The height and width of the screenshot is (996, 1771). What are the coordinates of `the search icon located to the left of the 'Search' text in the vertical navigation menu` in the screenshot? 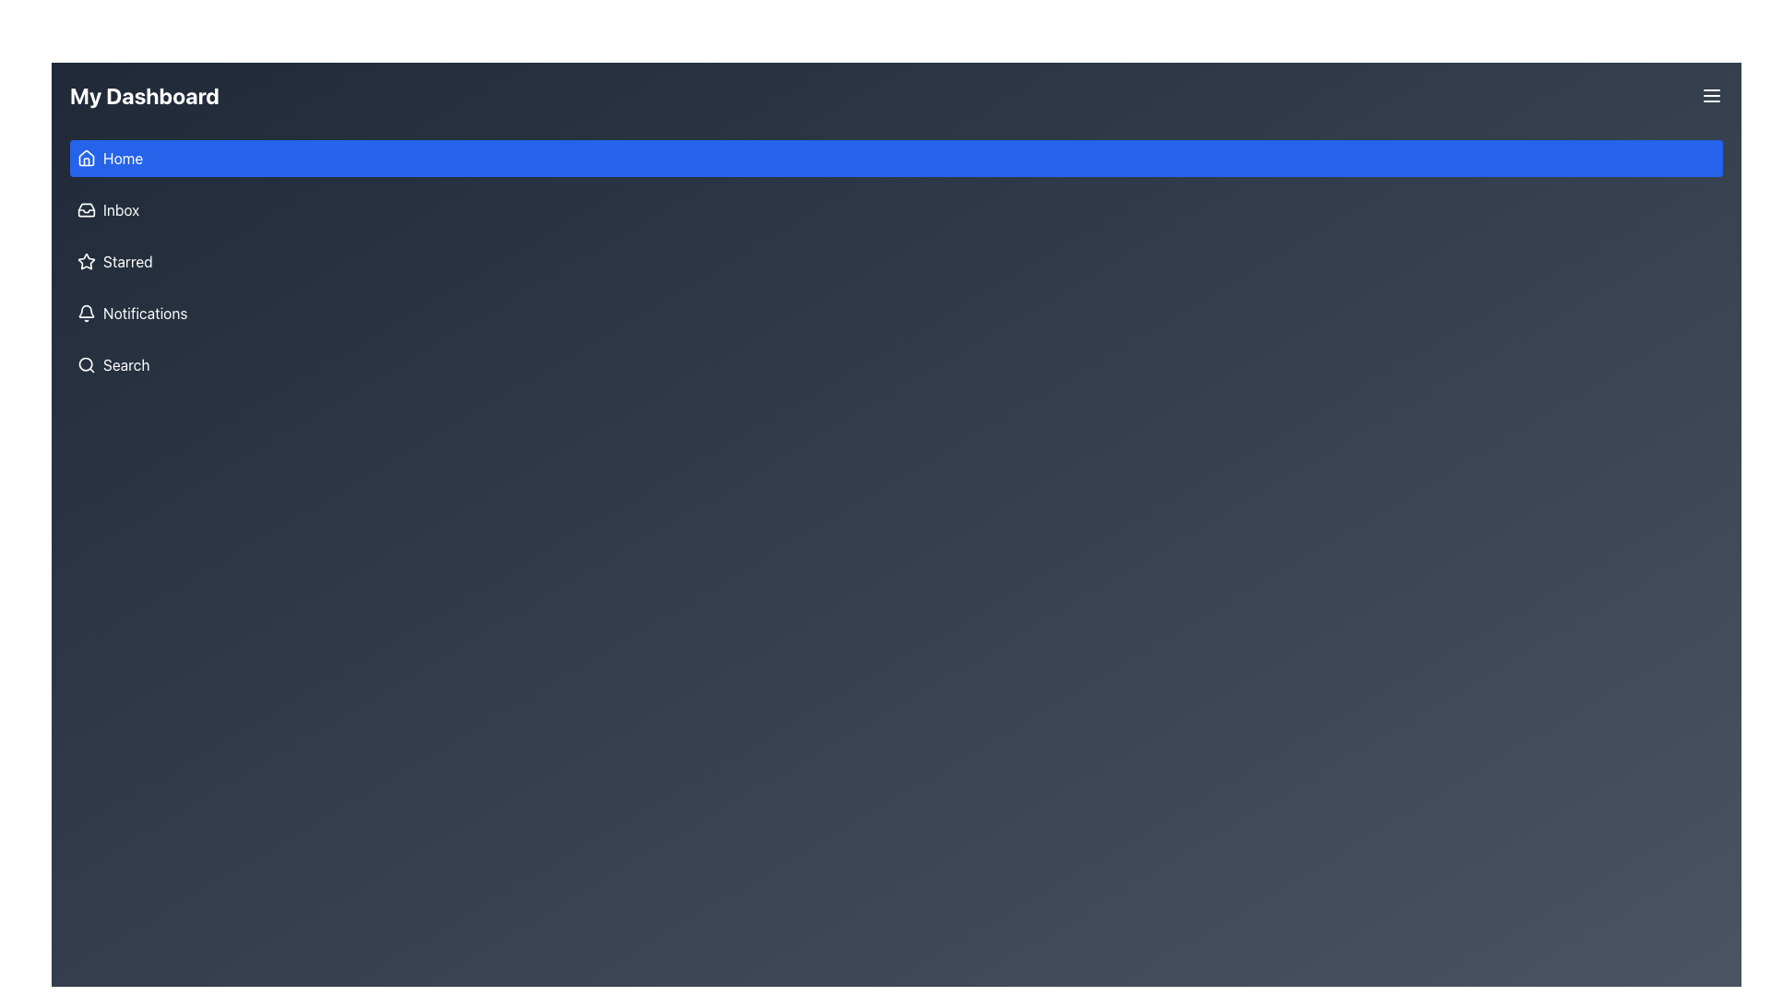 It's located at (86, 365).